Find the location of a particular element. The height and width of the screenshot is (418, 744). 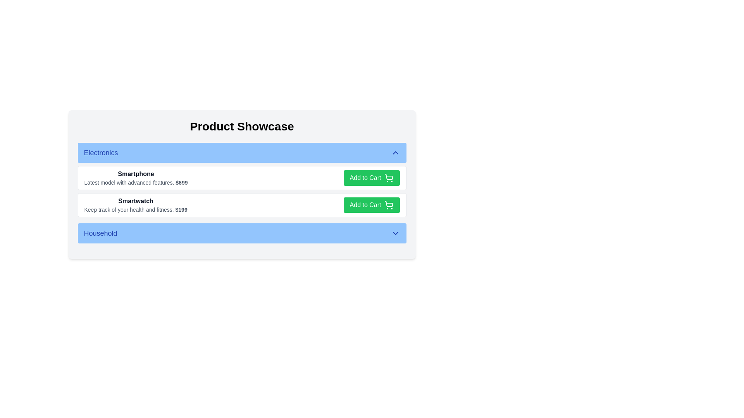

the shopping cart icon which is used for adding items to the cart, located near the 'Add to Cart' button for the second product in the Electronics section is located at coordinates (389, 204).